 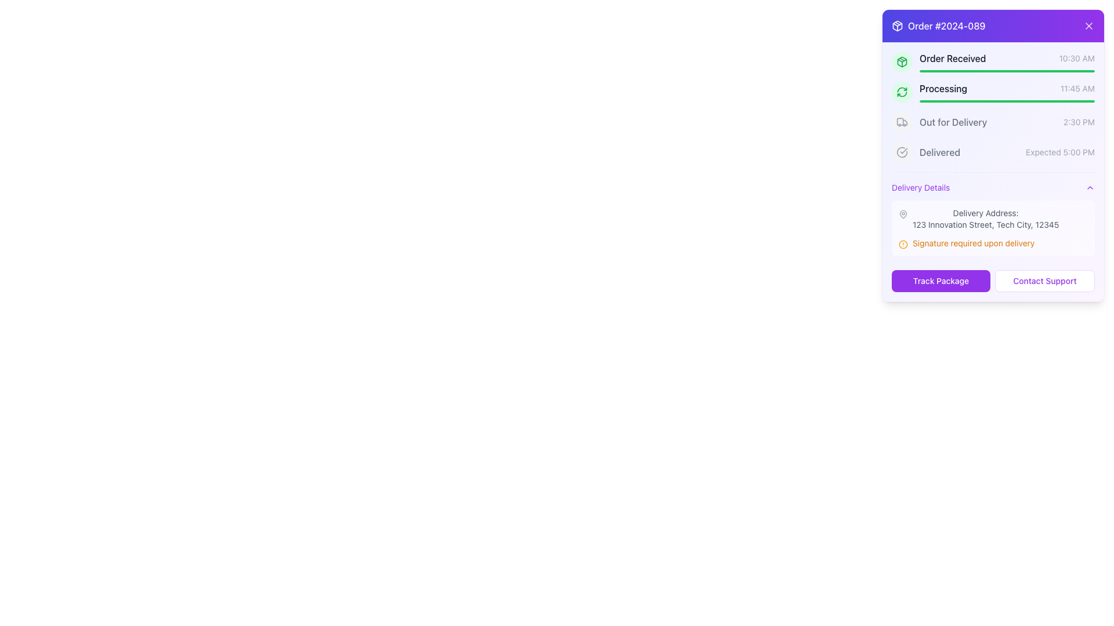 I want to click on the decorative icon indicating 'Out for Delivery' status, which is located to the left of the text 'Out for Delivery' and above '2:30 PM', so click(x=902, y=122).